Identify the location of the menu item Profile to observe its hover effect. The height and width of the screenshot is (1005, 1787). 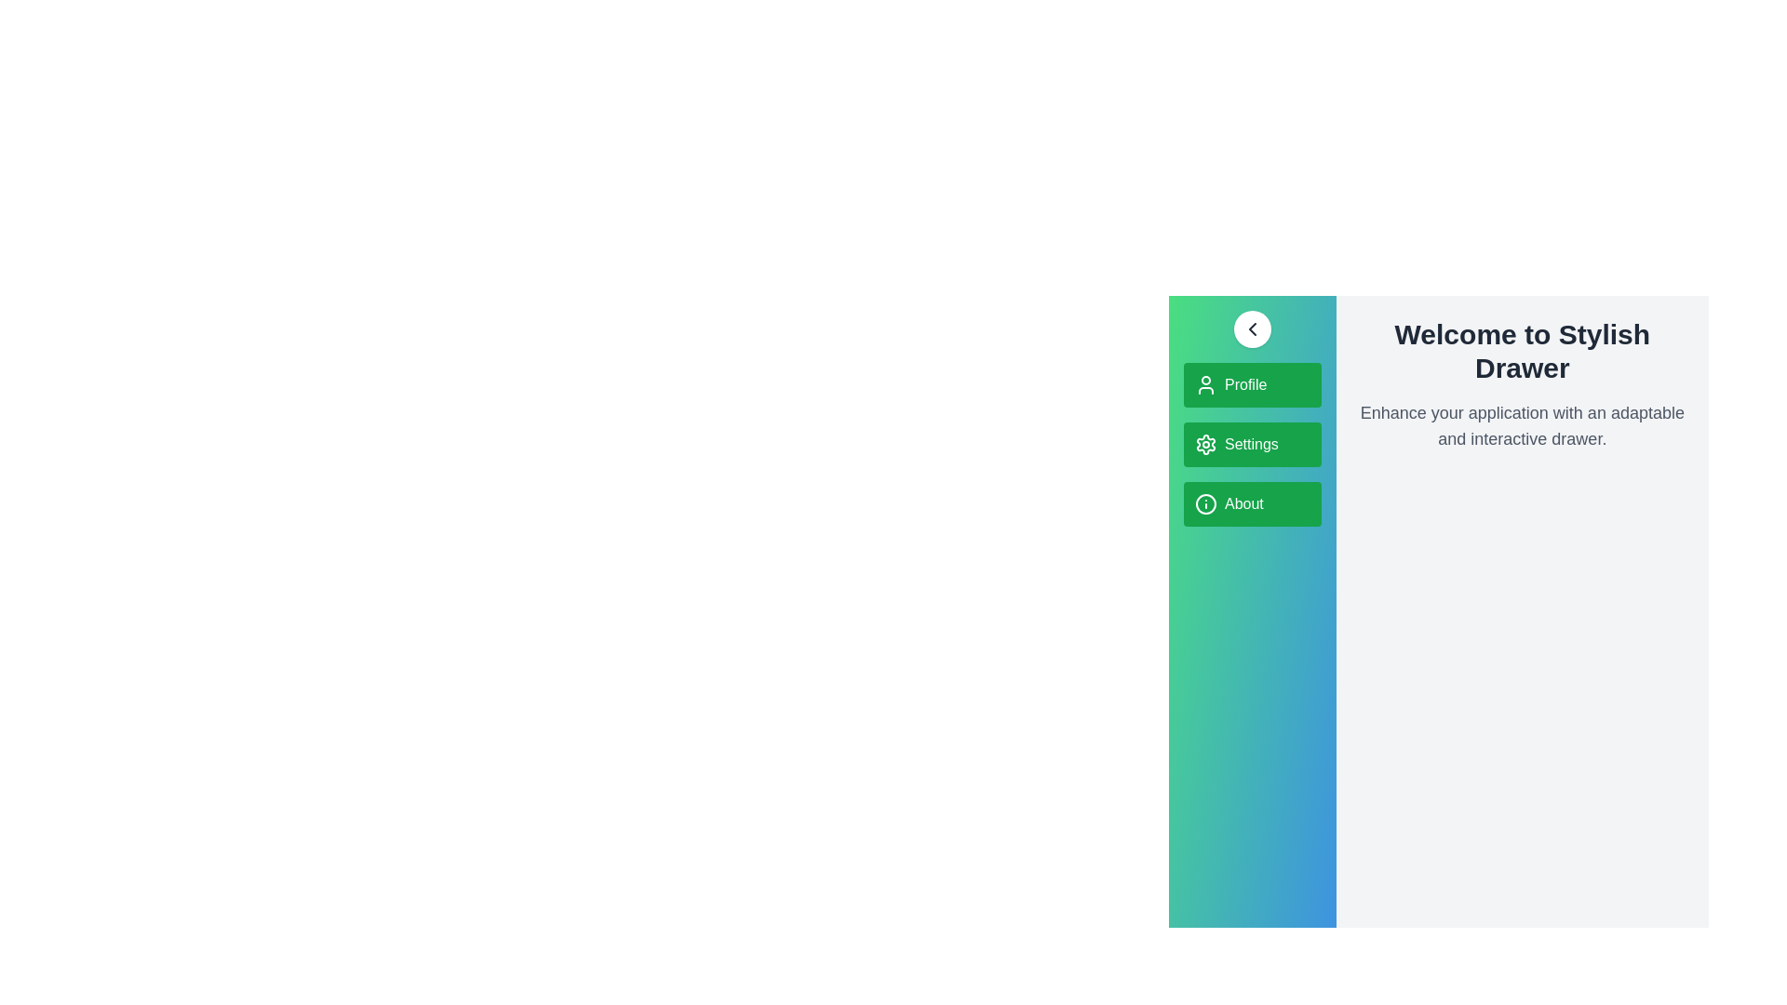
(1252, 383).